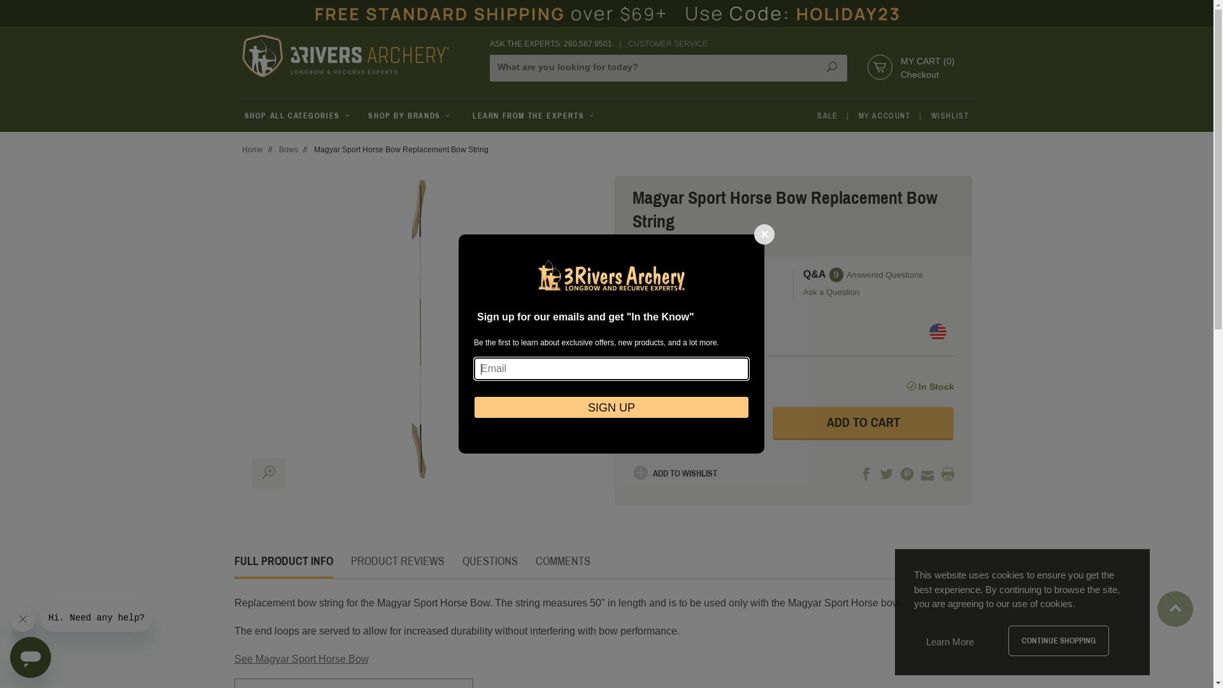 The image size is (1223, 688). What do you see at coordinates (883, 116) in the screenshot?
I see `'MY ACCOUNT'` at bounding box center [883, 116].